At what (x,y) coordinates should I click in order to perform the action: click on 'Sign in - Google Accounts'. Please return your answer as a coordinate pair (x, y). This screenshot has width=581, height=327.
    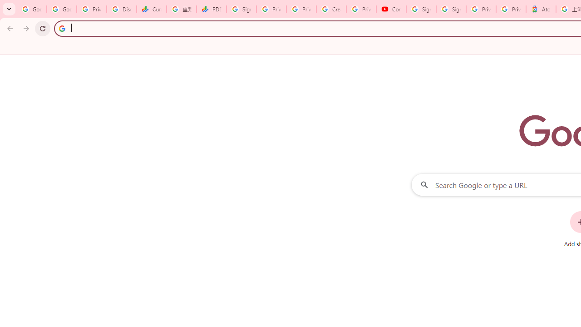
    Looking at the image, I should click on (451, 9).